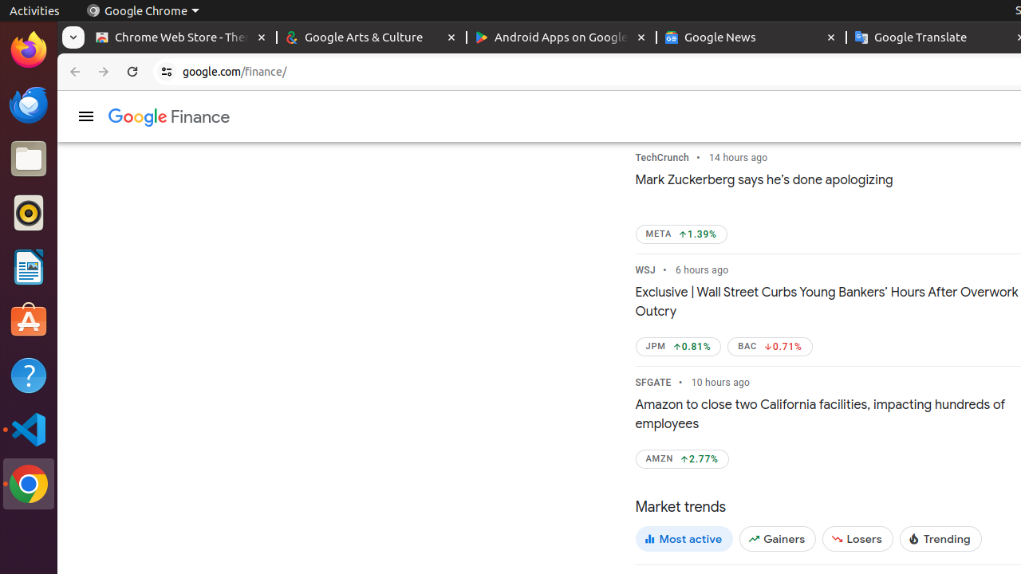  Describe the element at coordinates (28, 321) in the screenshot. I see `'Ubuntu Software'` at that location.